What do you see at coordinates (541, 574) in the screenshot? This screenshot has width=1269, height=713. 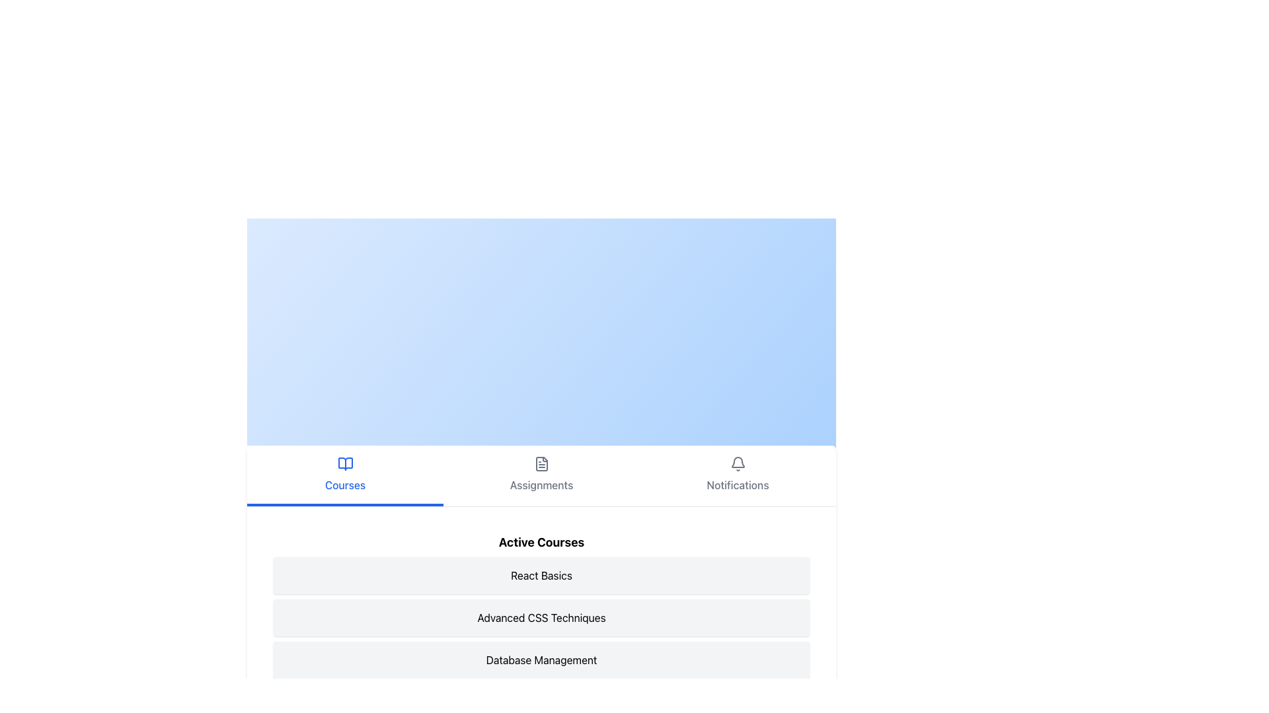 I see `a listed course within the tabbed interface for switching between sections (Courses, Assignments, and Notifications)` at bounding box center [541, 574].